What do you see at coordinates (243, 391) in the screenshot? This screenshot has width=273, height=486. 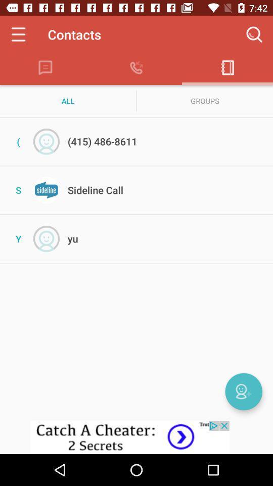 I see `new contact option` at bounding box center [243, 391].